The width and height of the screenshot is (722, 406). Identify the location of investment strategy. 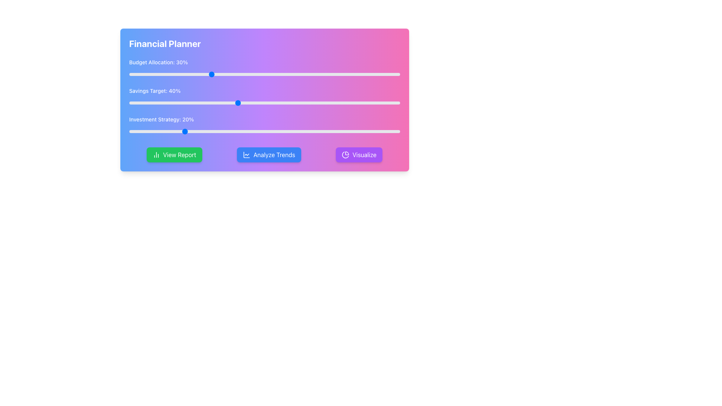
(199, 131).